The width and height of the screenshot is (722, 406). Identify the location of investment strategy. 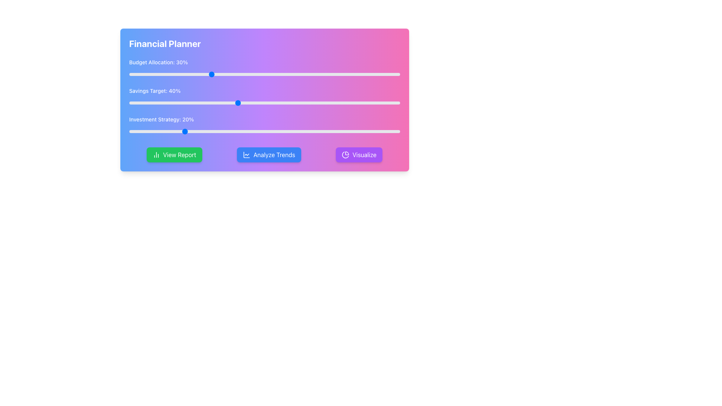
(199, 131).